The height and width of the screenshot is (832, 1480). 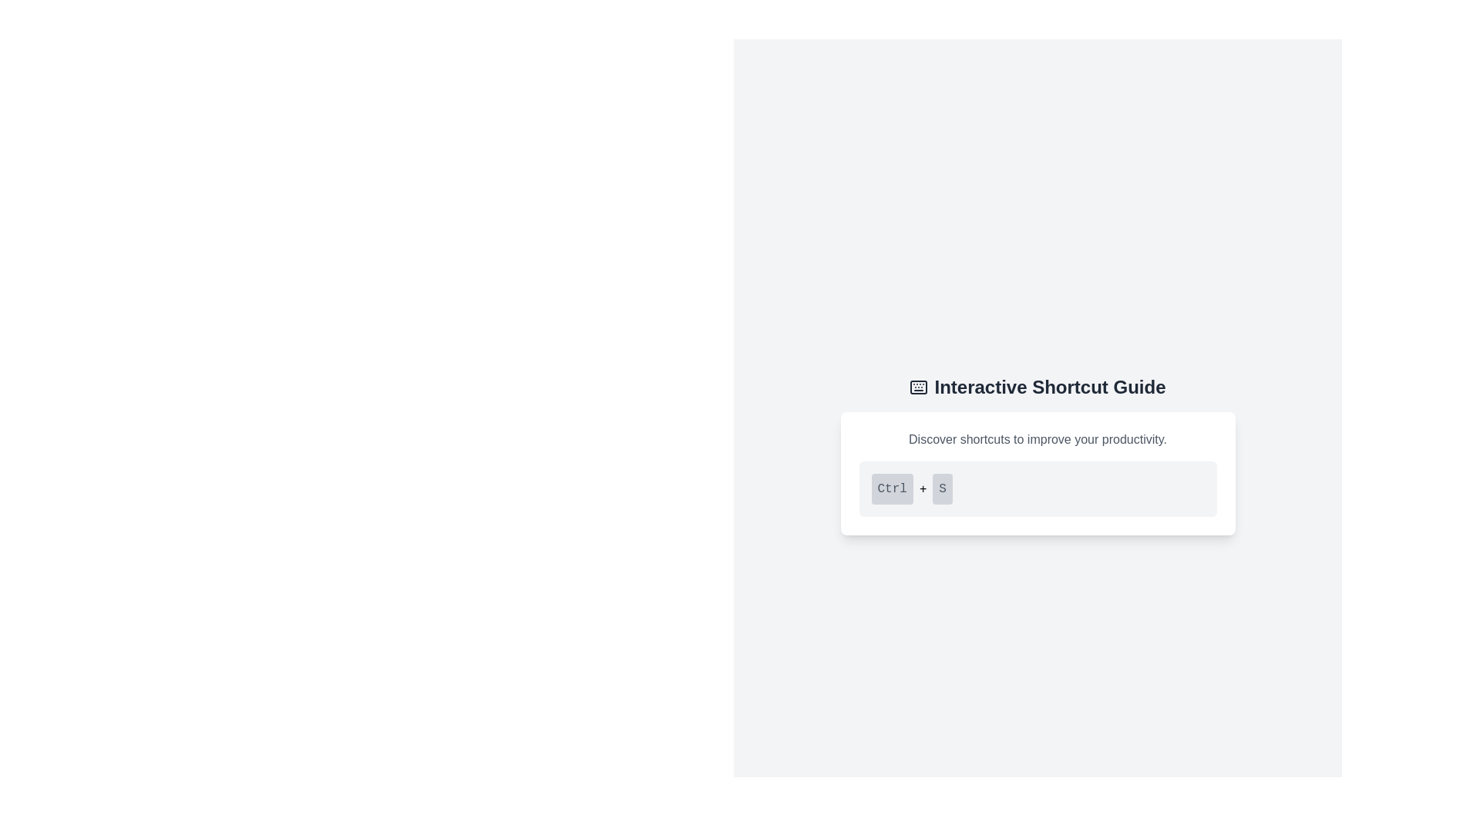 I want to click on the text label styled as a button displaying 'Ctrl', which is located to the left of the text 'S' and has a light gray background with rounded corners, so click(x=892, y=489).